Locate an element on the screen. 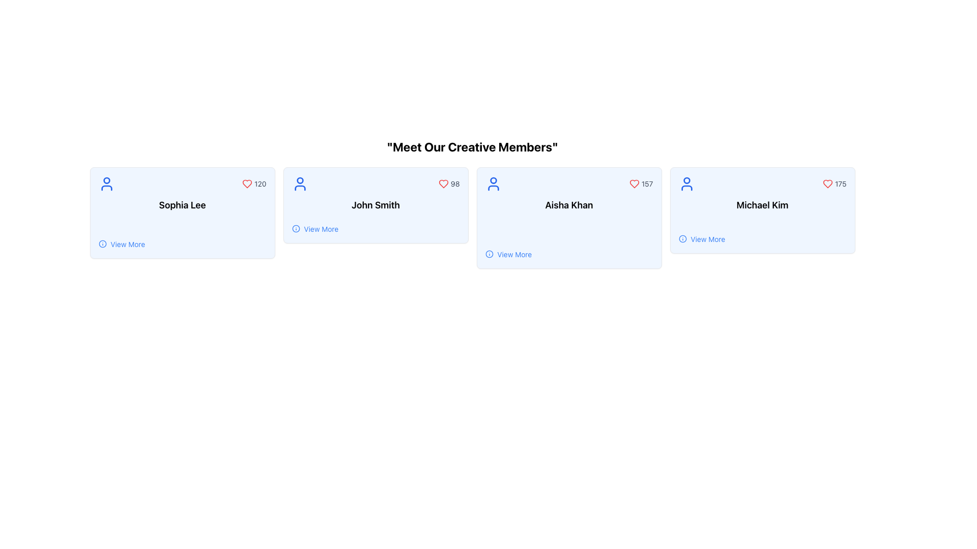 This screenshot has height=549, width=977. the circular information icon with a stylized 'i' symbol, which is located to the left of the 'View More' text within the card for 'John Smith' is located at coordinates (295, 229).